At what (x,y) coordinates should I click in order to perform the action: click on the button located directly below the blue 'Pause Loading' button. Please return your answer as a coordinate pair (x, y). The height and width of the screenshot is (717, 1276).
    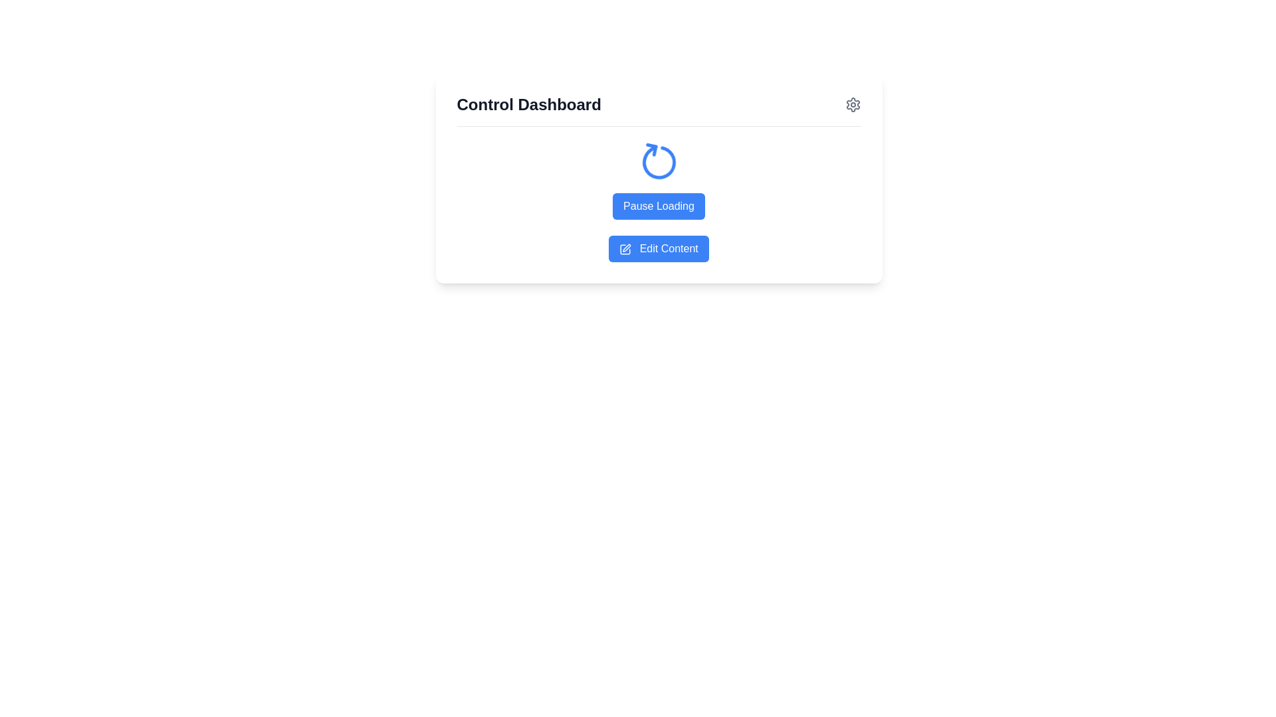
    Looking at the image, I should click on (659, 248).